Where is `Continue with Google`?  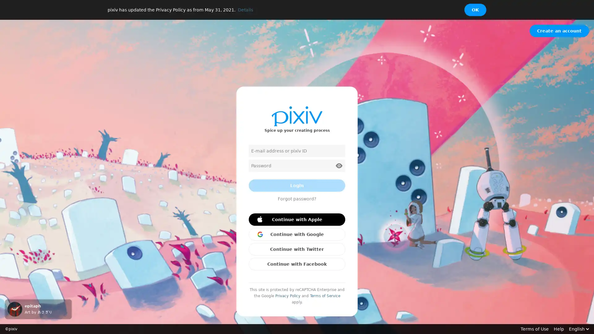 Continue with Google is located at coordinates (297, 234).